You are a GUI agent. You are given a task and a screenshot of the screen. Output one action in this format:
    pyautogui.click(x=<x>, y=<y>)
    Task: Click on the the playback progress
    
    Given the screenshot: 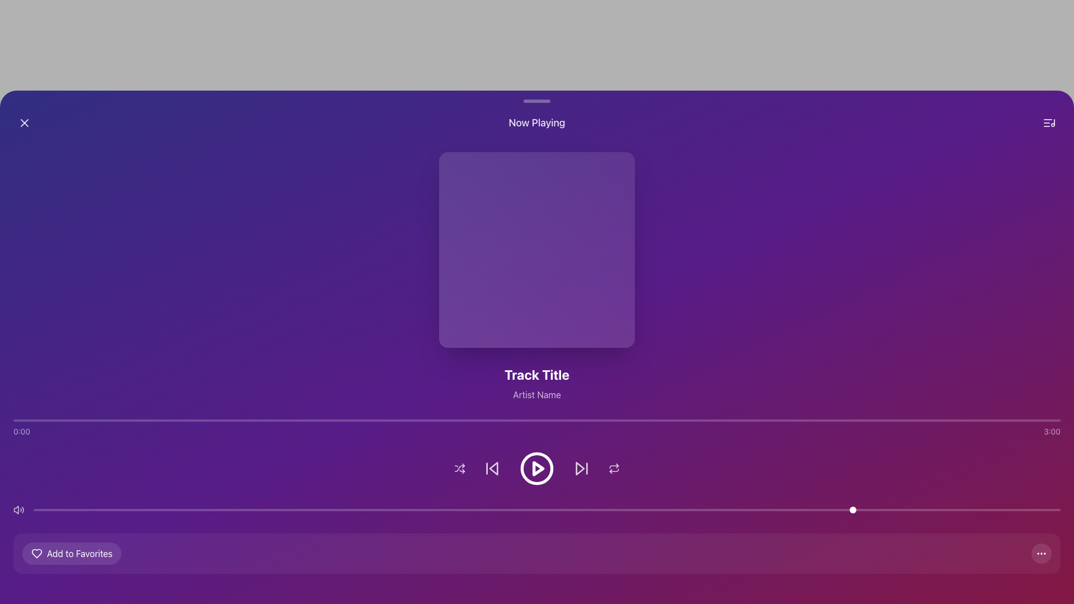 What is the action you would take?
    pyautogui.click(x=830, y=421)
    